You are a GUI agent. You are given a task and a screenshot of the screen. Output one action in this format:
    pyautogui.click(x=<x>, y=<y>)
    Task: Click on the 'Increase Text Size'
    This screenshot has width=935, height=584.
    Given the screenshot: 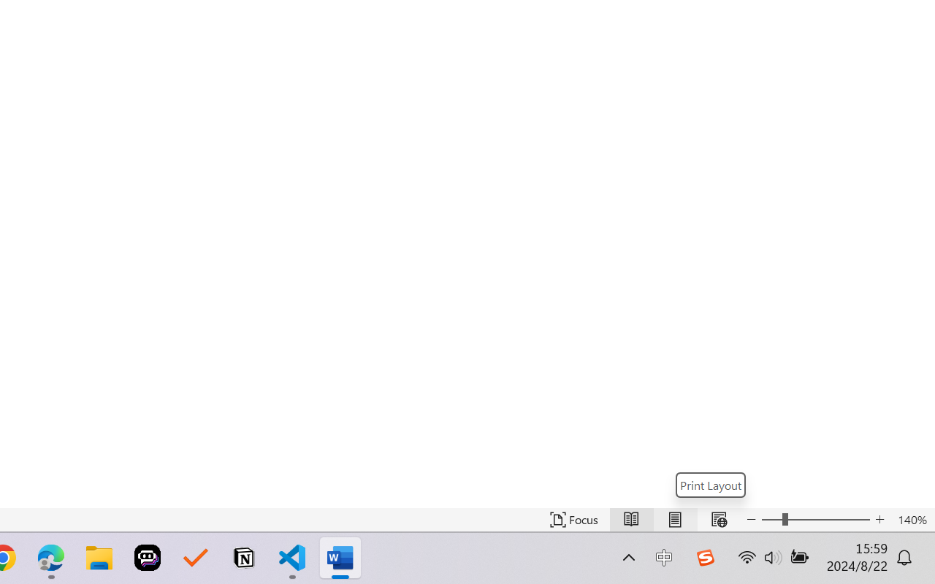 What is the action you would take?
    pyautogui.click(x=879, y=519)
    